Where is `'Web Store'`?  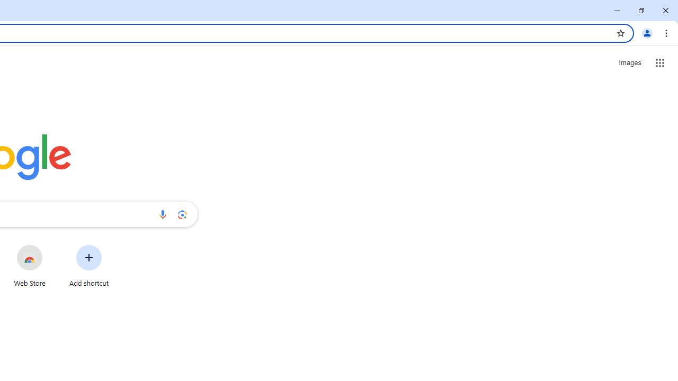 'Web Store' is located at coordinates (30, 265).